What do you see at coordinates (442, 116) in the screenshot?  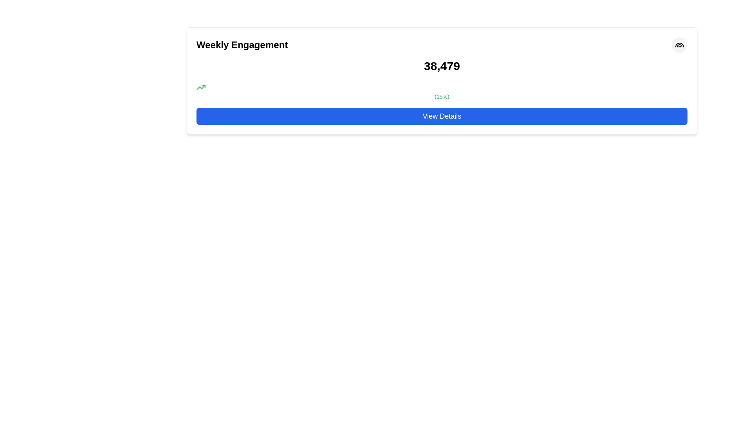 I see `the rectangular button with a vibrant blue background and white text reading 'View Details'` at bounding box center [442, 116].